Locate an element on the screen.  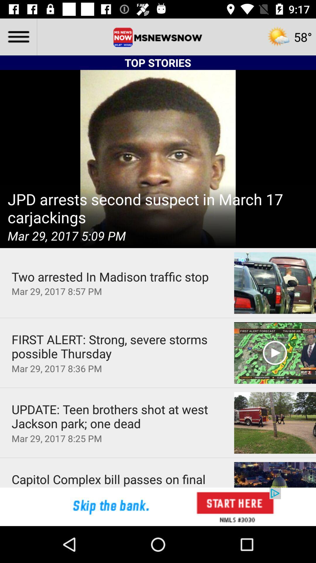
the settings icon is located at coordinates (289, 36).